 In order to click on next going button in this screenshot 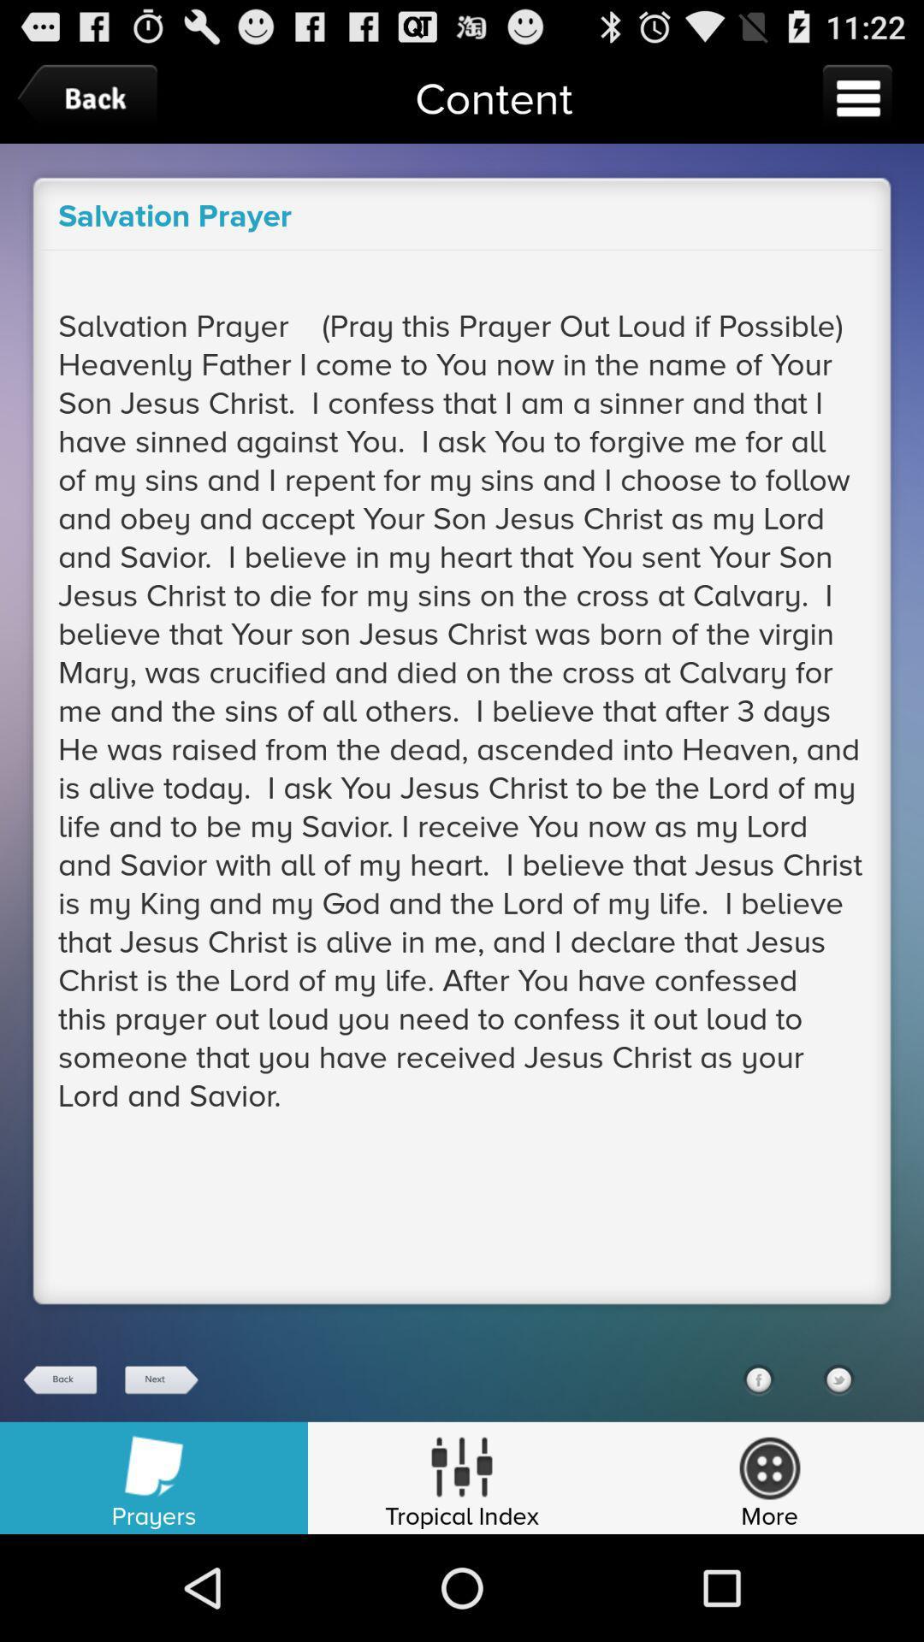, I will do `click(160, 1379)`.